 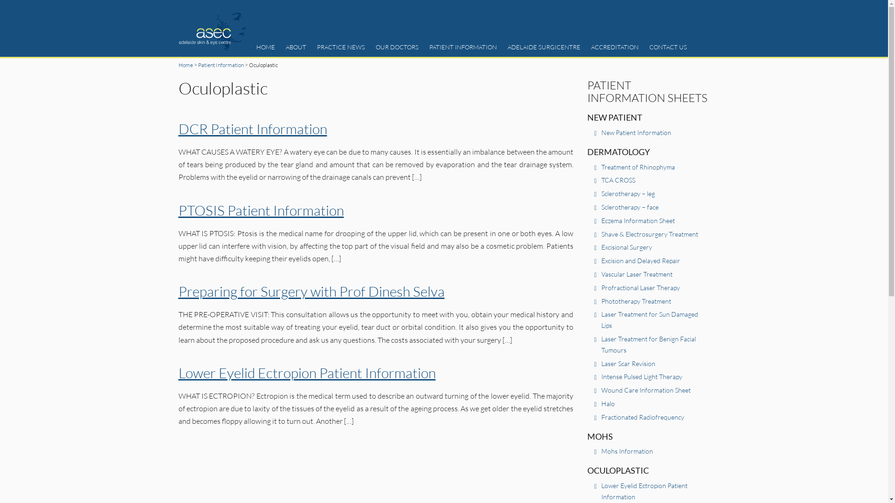 What do you see at coordinates (646, 390) in the screenshot?
I see `'Wound Care Information Sheet'` at bounding box center [646, 390].